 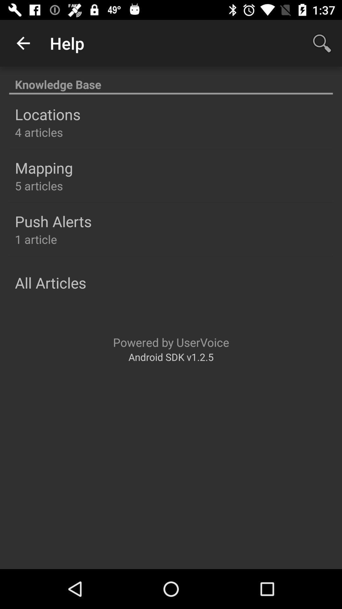 What do you see at coordinates (50, 282) in the screenshot?
I see `the all articles` at bounding box center [50, 282].